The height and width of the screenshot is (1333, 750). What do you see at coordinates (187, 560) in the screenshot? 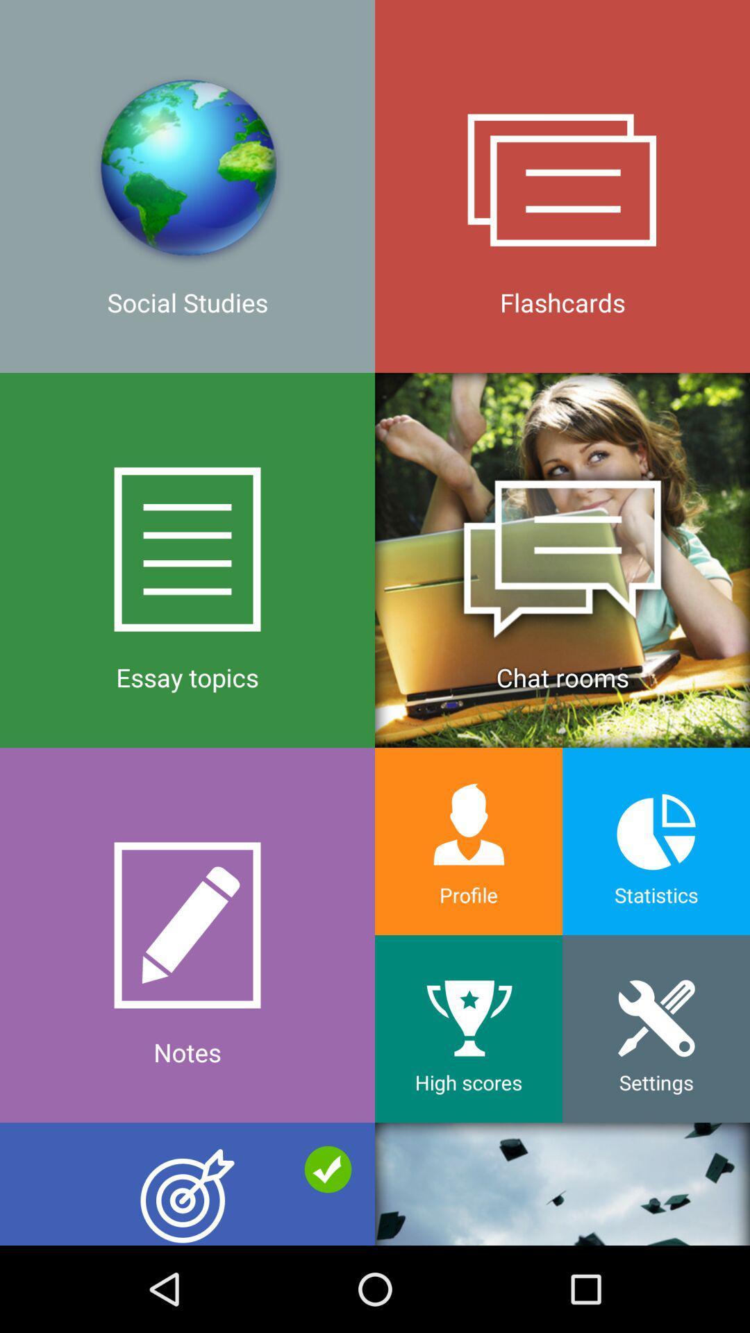
I see `item above notes app` at bounding box center [187, 560].